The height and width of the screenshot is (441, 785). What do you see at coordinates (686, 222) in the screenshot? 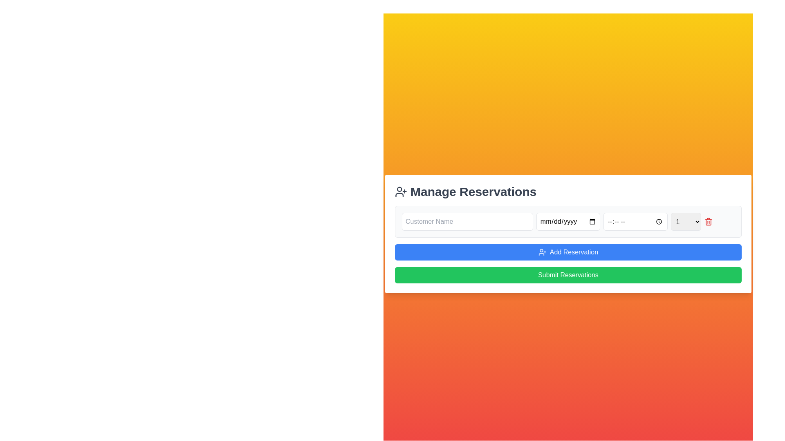
I see `the dropdown selector displaying the number '1'` at bounding box center [686, 222].